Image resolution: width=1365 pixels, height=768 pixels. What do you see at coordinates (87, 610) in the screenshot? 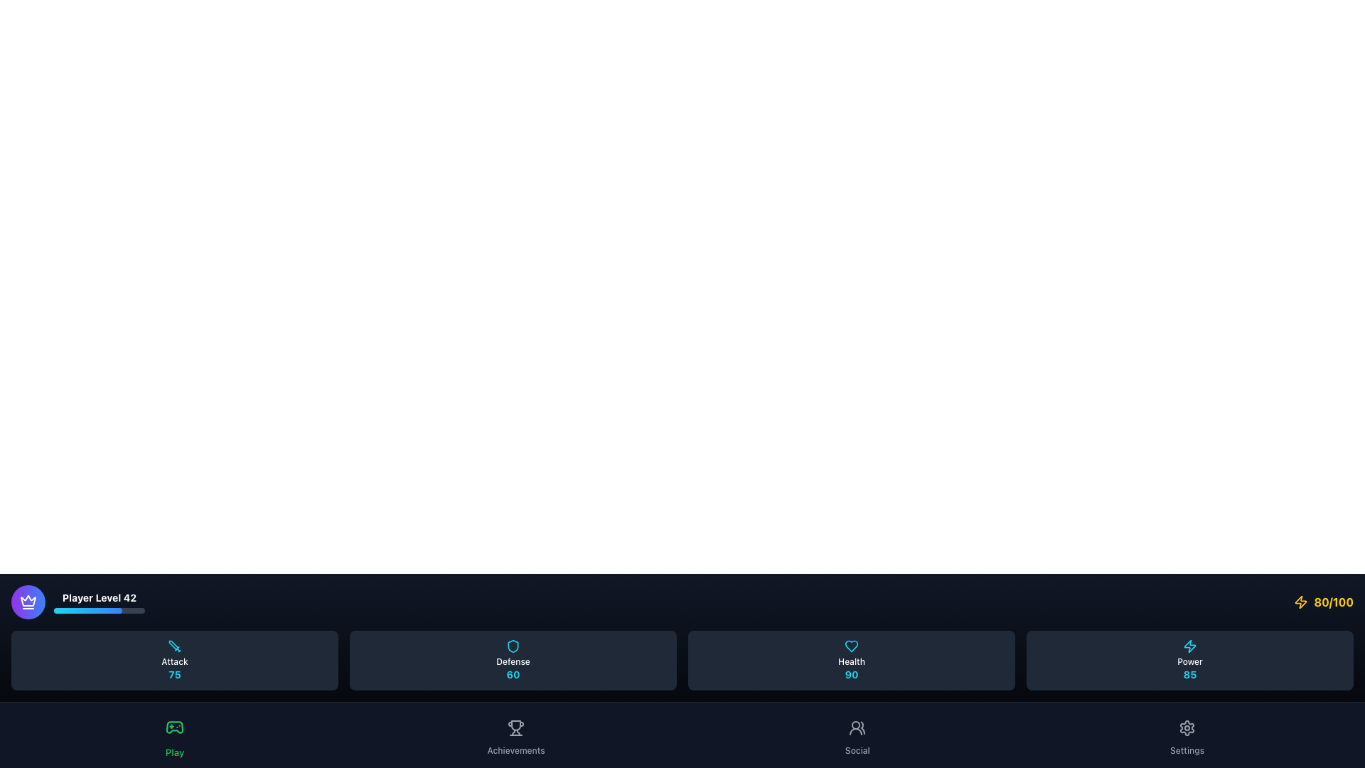
I see `the Progress indicator bar, which is a horizontal bar with a gradient fill transitioning from cyan to blue, located inside a larger rounded progress bar near the 'Player Level 42' label` at bounding box center [87, 610].